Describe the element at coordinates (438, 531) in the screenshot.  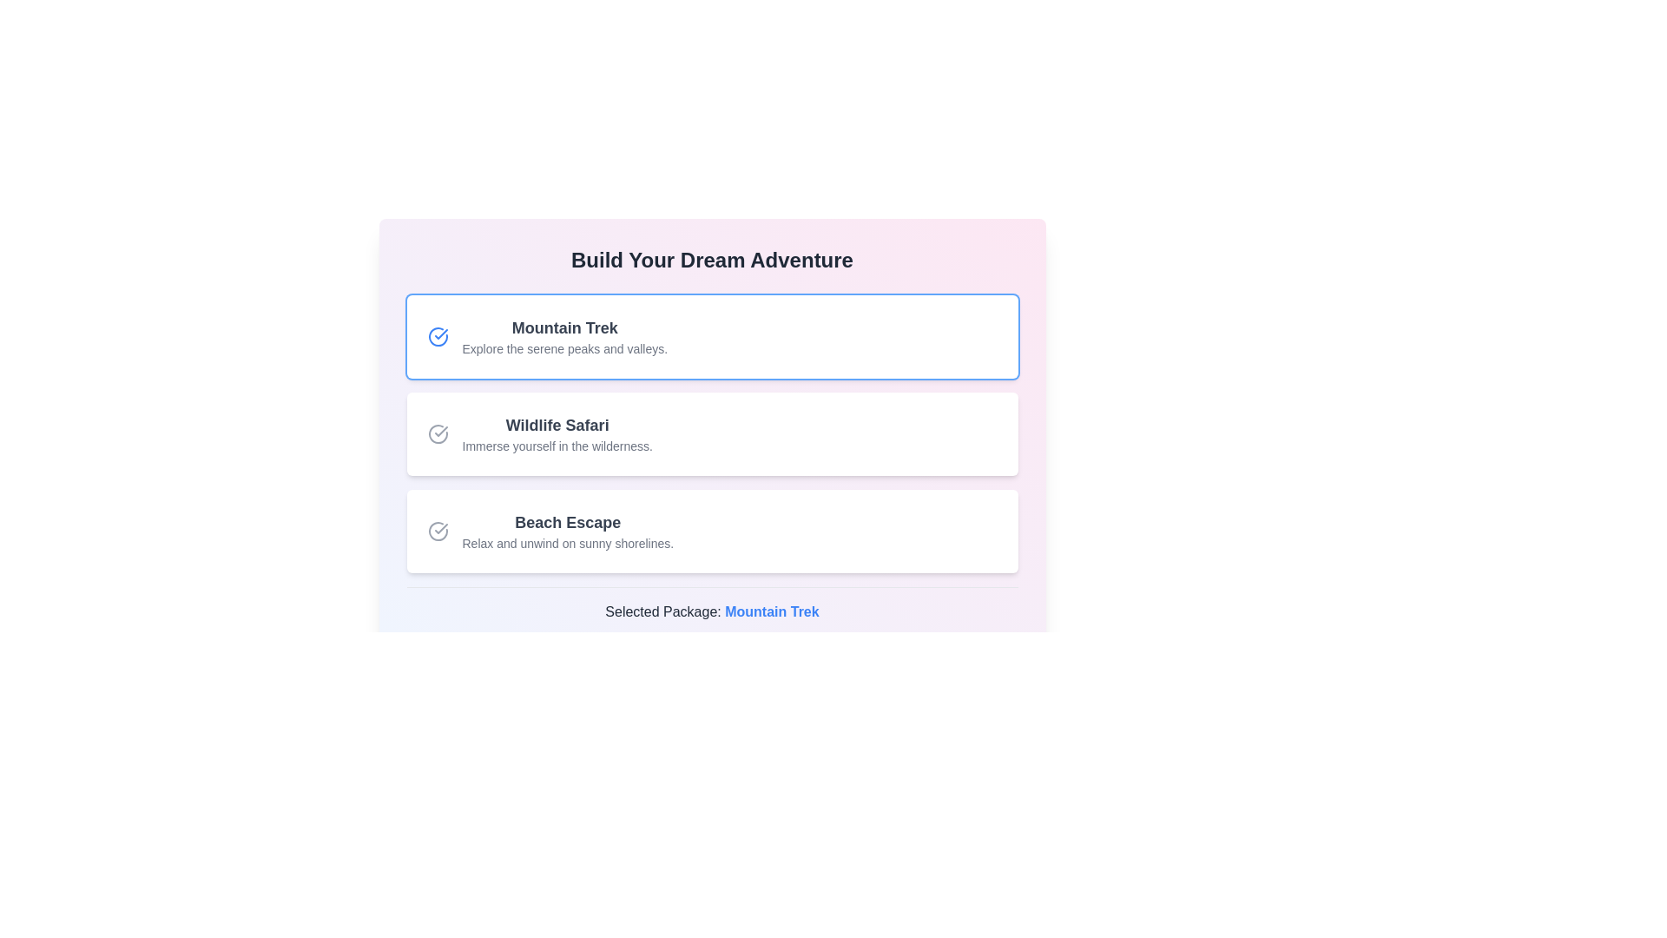
I see `the circular icon with a checkmark inside, styled in light gray, located on the left side of the 'Beach Escape' list item` at that location.